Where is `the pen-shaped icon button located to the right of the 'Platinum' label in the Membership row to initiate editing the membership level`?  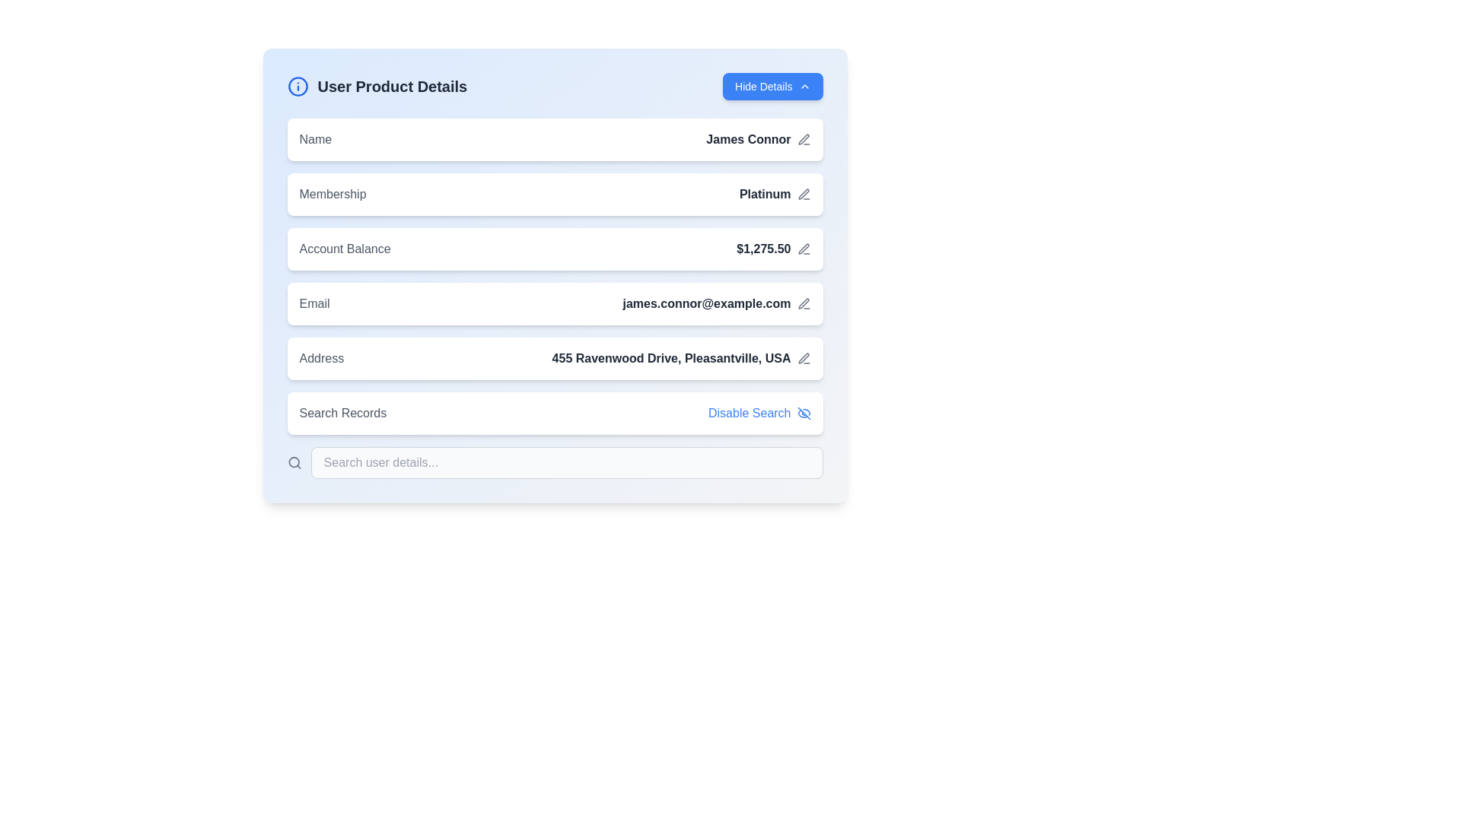
the pen-shaped icon button located to the right of the 'Platinum' label in the Membership row to initiate editing the membership level is located at coordinates (803, 193).